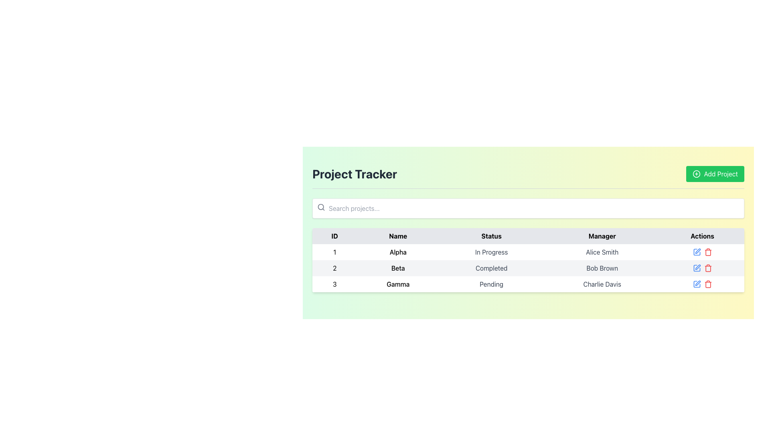  I want to click on the icon representing the action, so click(696, 174).